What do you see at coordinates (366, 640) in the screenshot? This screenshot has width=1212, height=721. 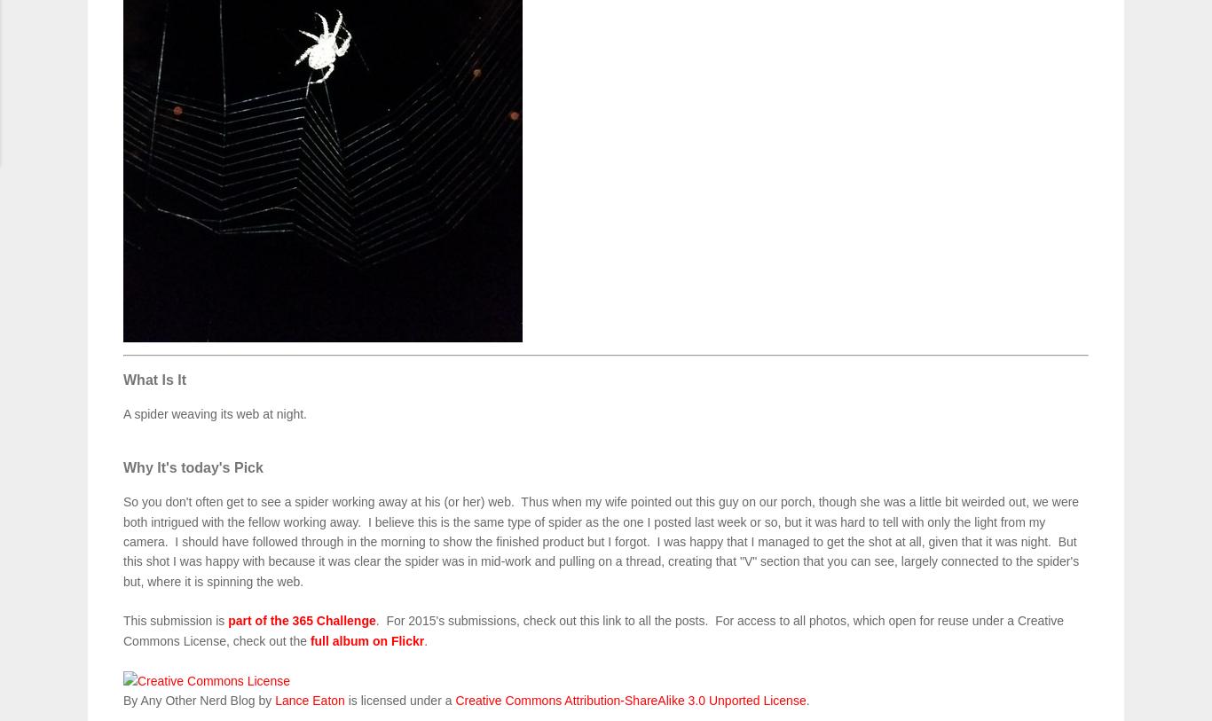 I see `'full album on Flickr'` at bounding box center [366, 640].